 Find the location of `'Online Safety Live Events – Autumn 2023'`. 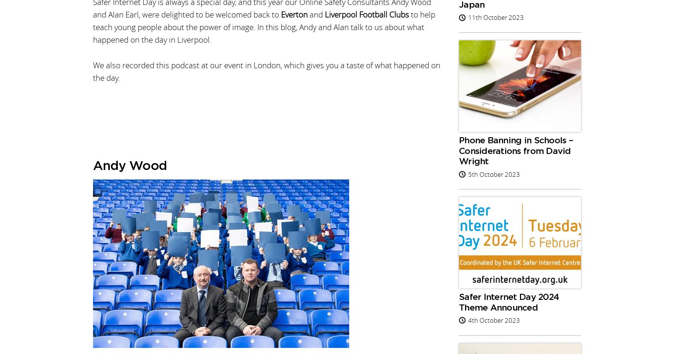

'Online Safety Live Events – Autumn 2023' is located at coordinates (276, 129).